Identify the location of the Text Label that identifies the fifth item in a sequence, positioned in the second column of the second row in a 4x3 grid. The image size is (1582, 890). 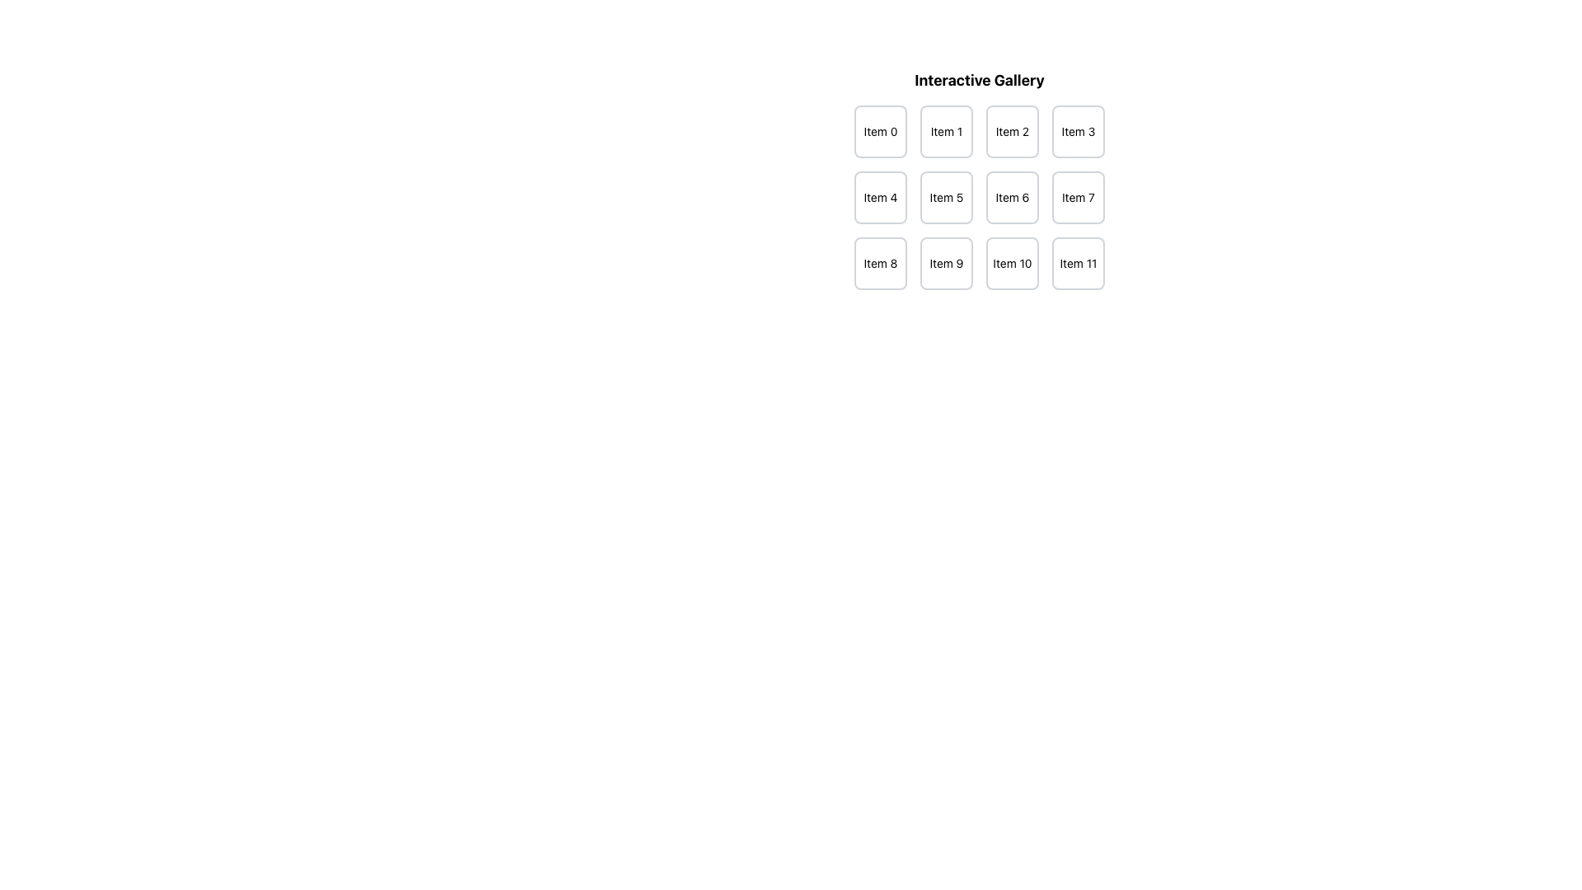
(946, 196).